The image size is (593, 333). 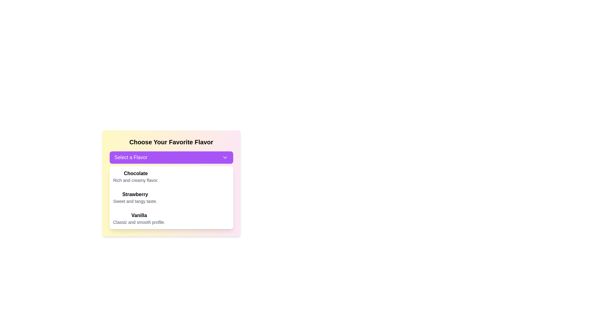 What do you see at coordinates (139, 218) in the screenshot?
I see `the third flavor option in the dropdown menu` at bounding box center [139, 218].